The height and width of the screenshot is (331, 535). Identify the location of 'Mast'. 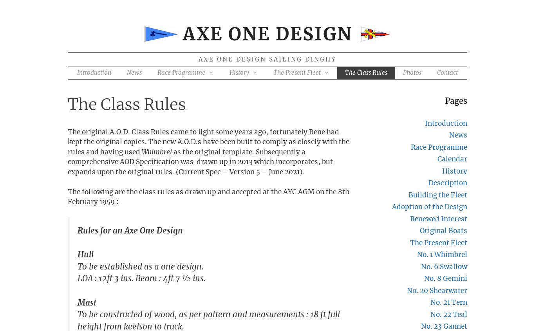
(86, 302).